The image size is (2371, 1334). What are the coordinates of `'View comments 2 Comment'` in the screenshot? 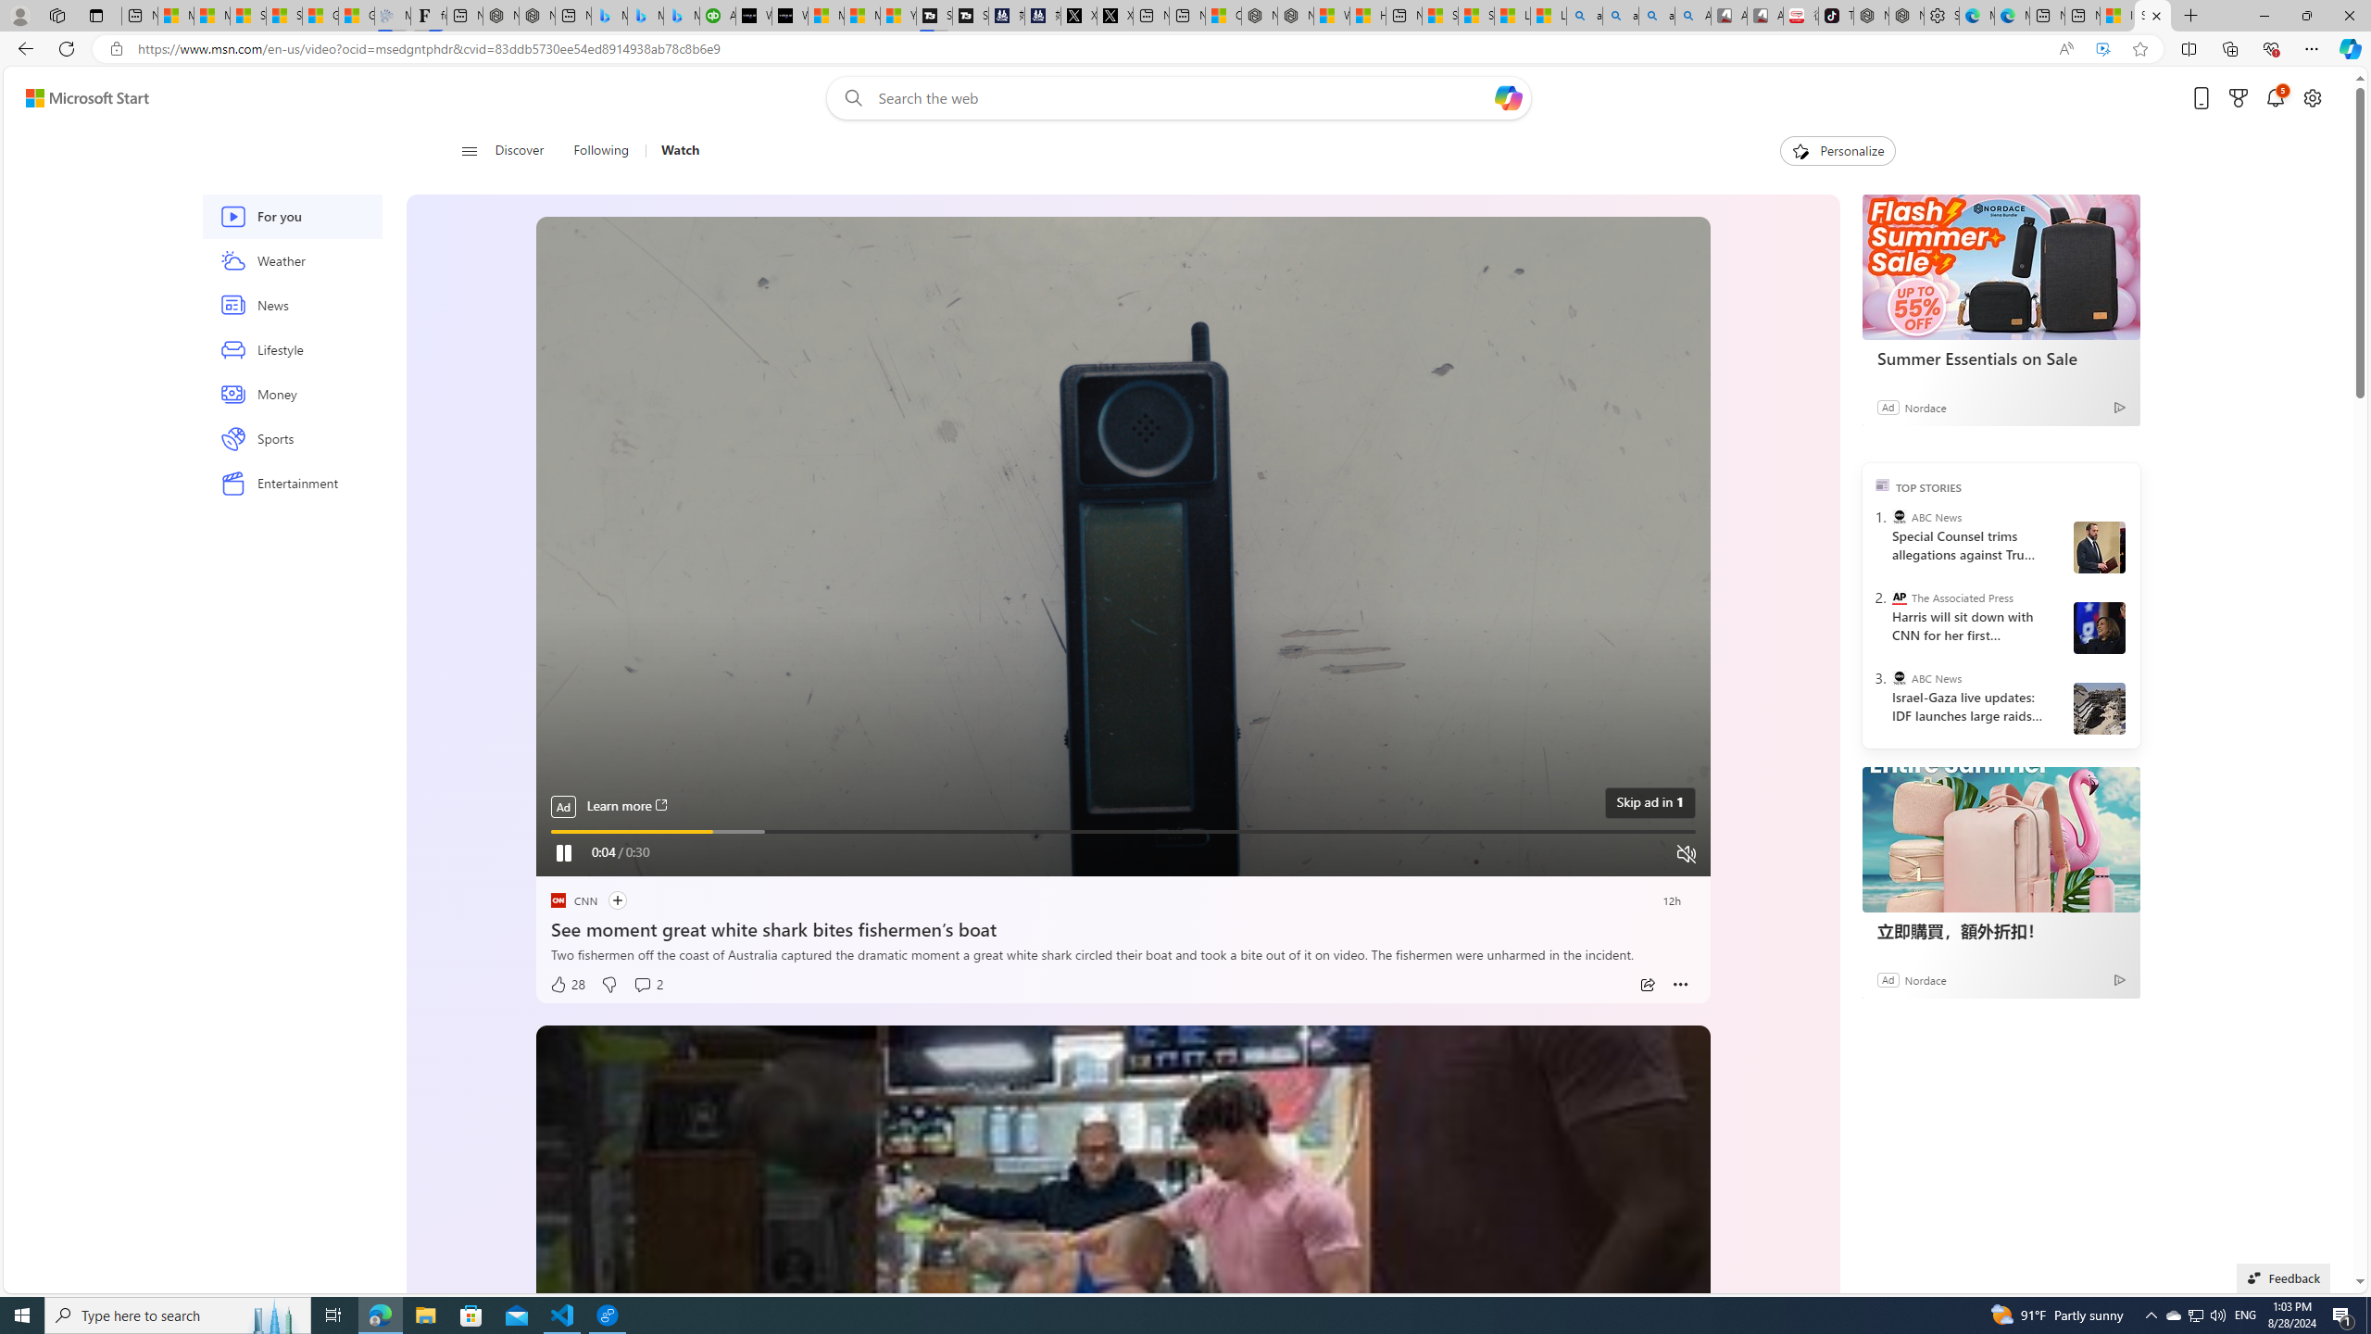 It's located at (648, 984).